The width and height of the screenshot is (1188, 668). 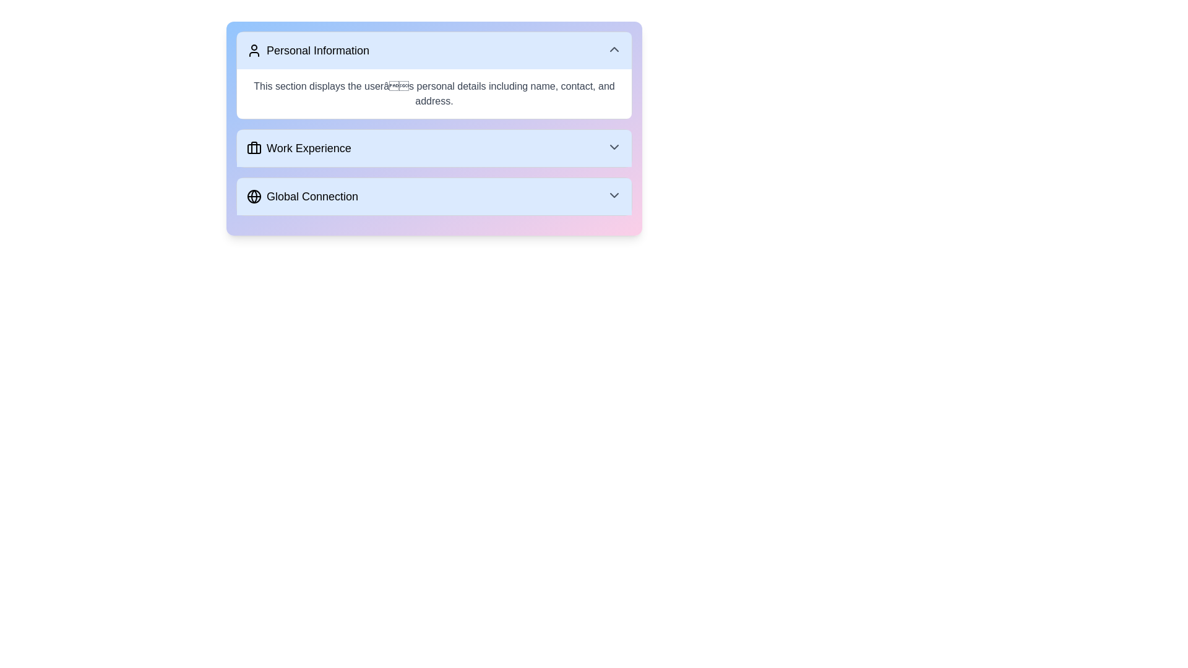 What do you see at coordinates (317, 49) in the screenshot?
I see `the 'Personal Information' label, which is styled in bold and positioned next to a user icon in a card-like section with a blue background` at bounding box center [317, 49].